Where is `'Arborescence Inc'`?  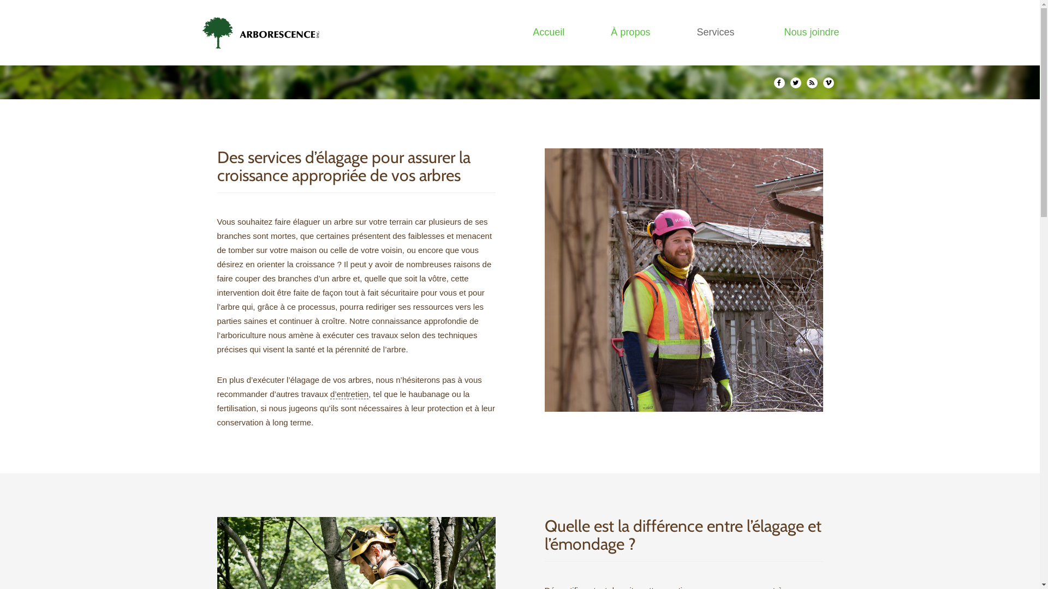
'Arborescence Inc' is located at coordinates (264, 32).